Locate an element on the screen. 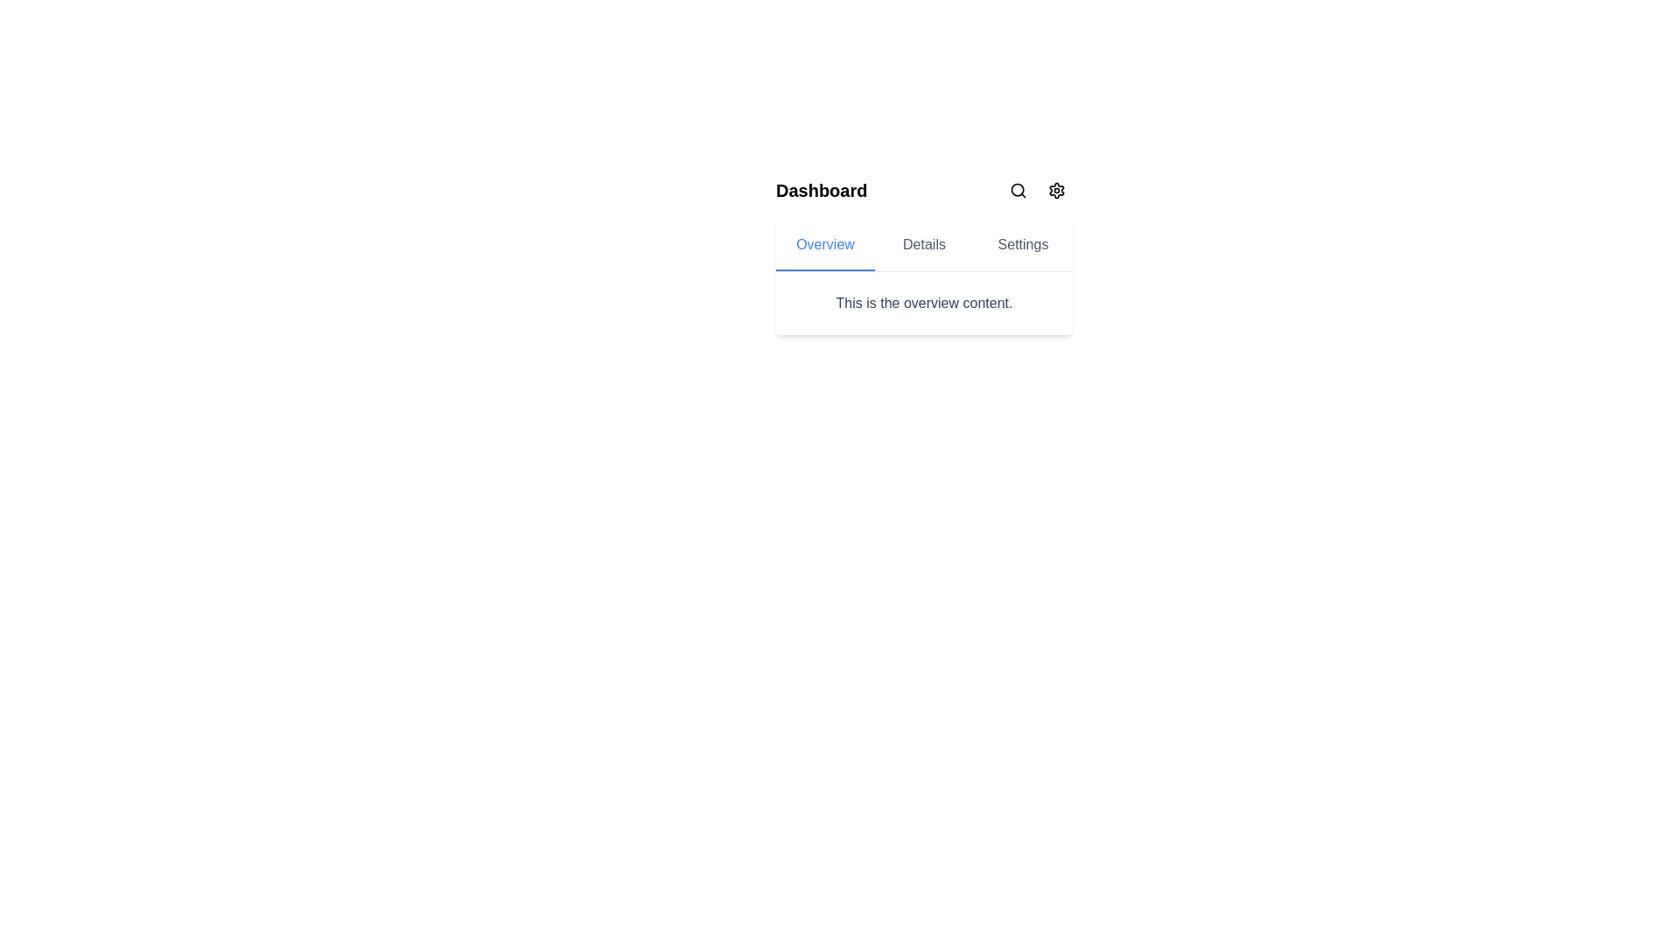 The width and height of the screenshot is (1680, 945). the gear icon located at the top-right corner of the interface, adjacent to the search icon is located at coordinates (1056, 191).